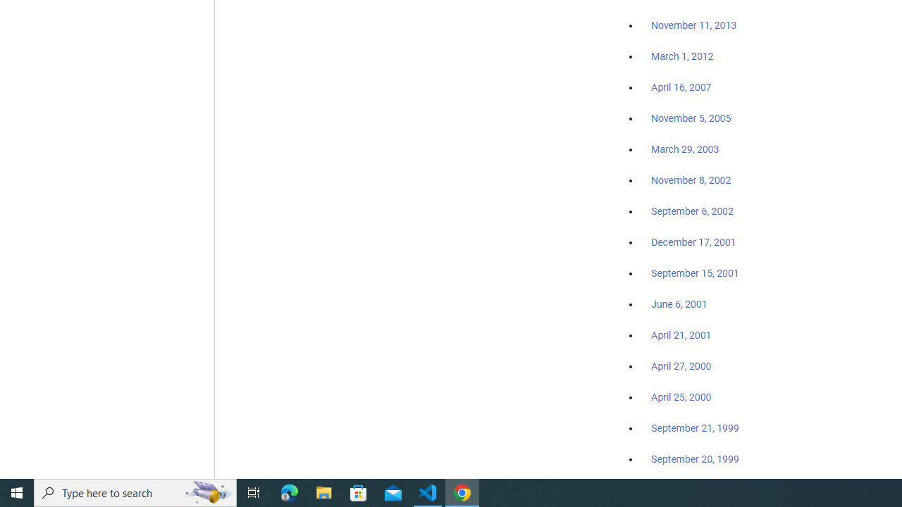  I want to click on 'March 1, 2012', so click(682, 56).